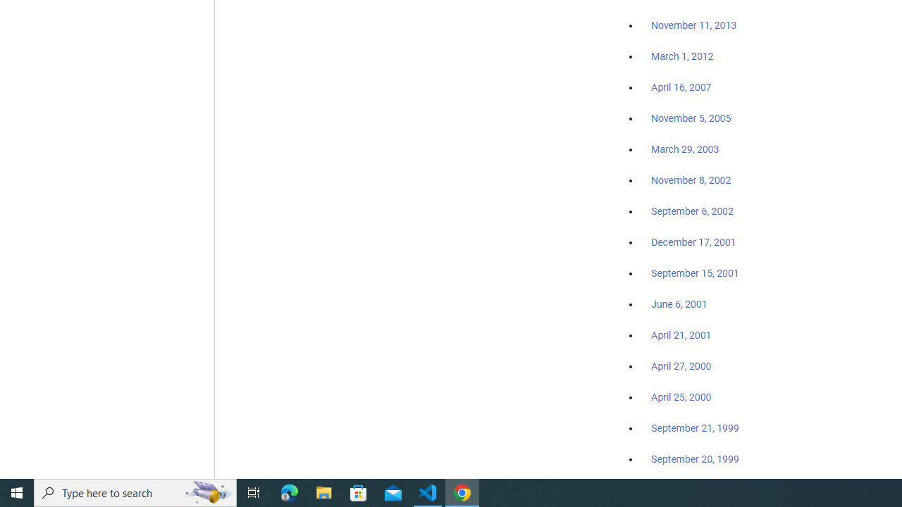  I want to click on 'March 1, 2012', so click(682, 56).